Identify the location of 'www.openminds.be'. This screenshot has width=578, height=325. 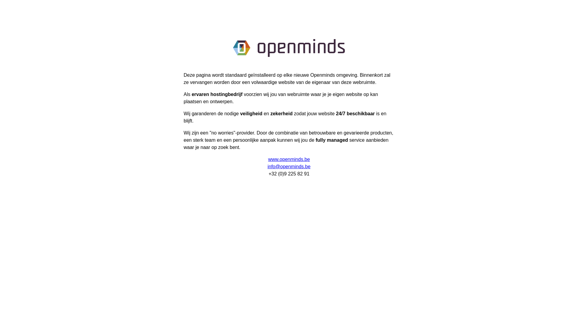
(289, 159).